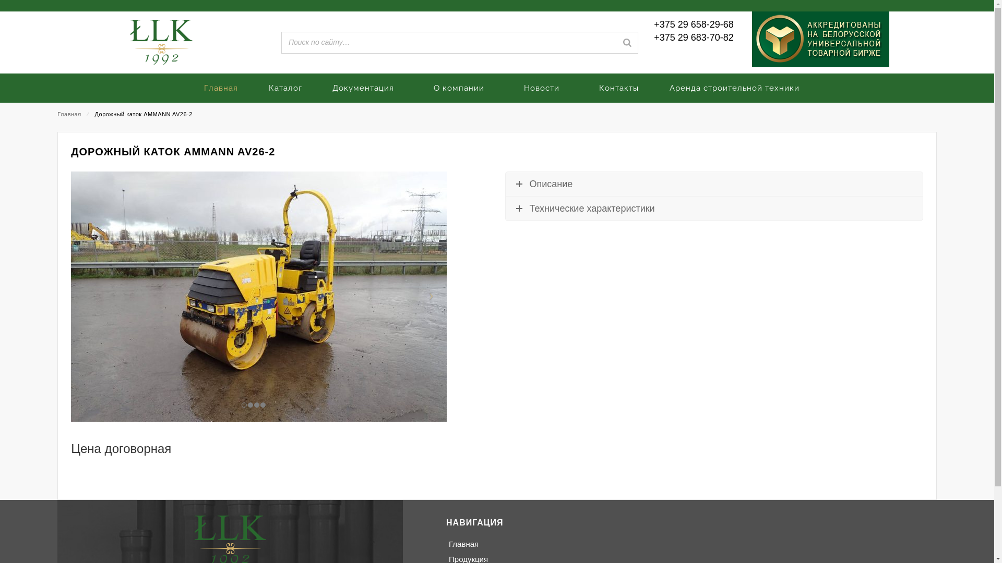  Describe the element at coordinates (653, 24) in the screenshot. I see `'+375 29 658-29-68'` at that location.